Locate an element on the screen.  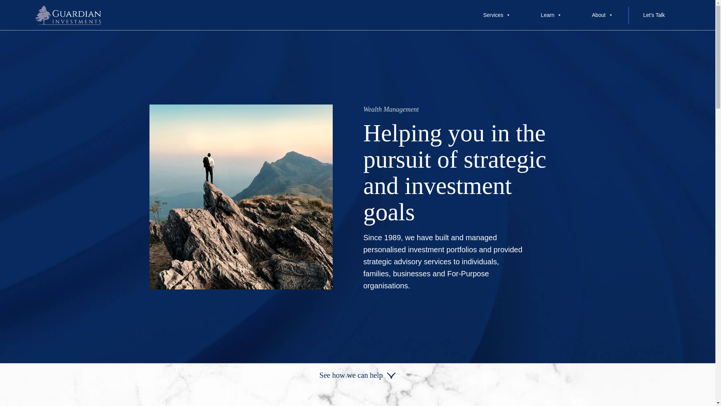
'Learn' is located at coordinates (525, 15).